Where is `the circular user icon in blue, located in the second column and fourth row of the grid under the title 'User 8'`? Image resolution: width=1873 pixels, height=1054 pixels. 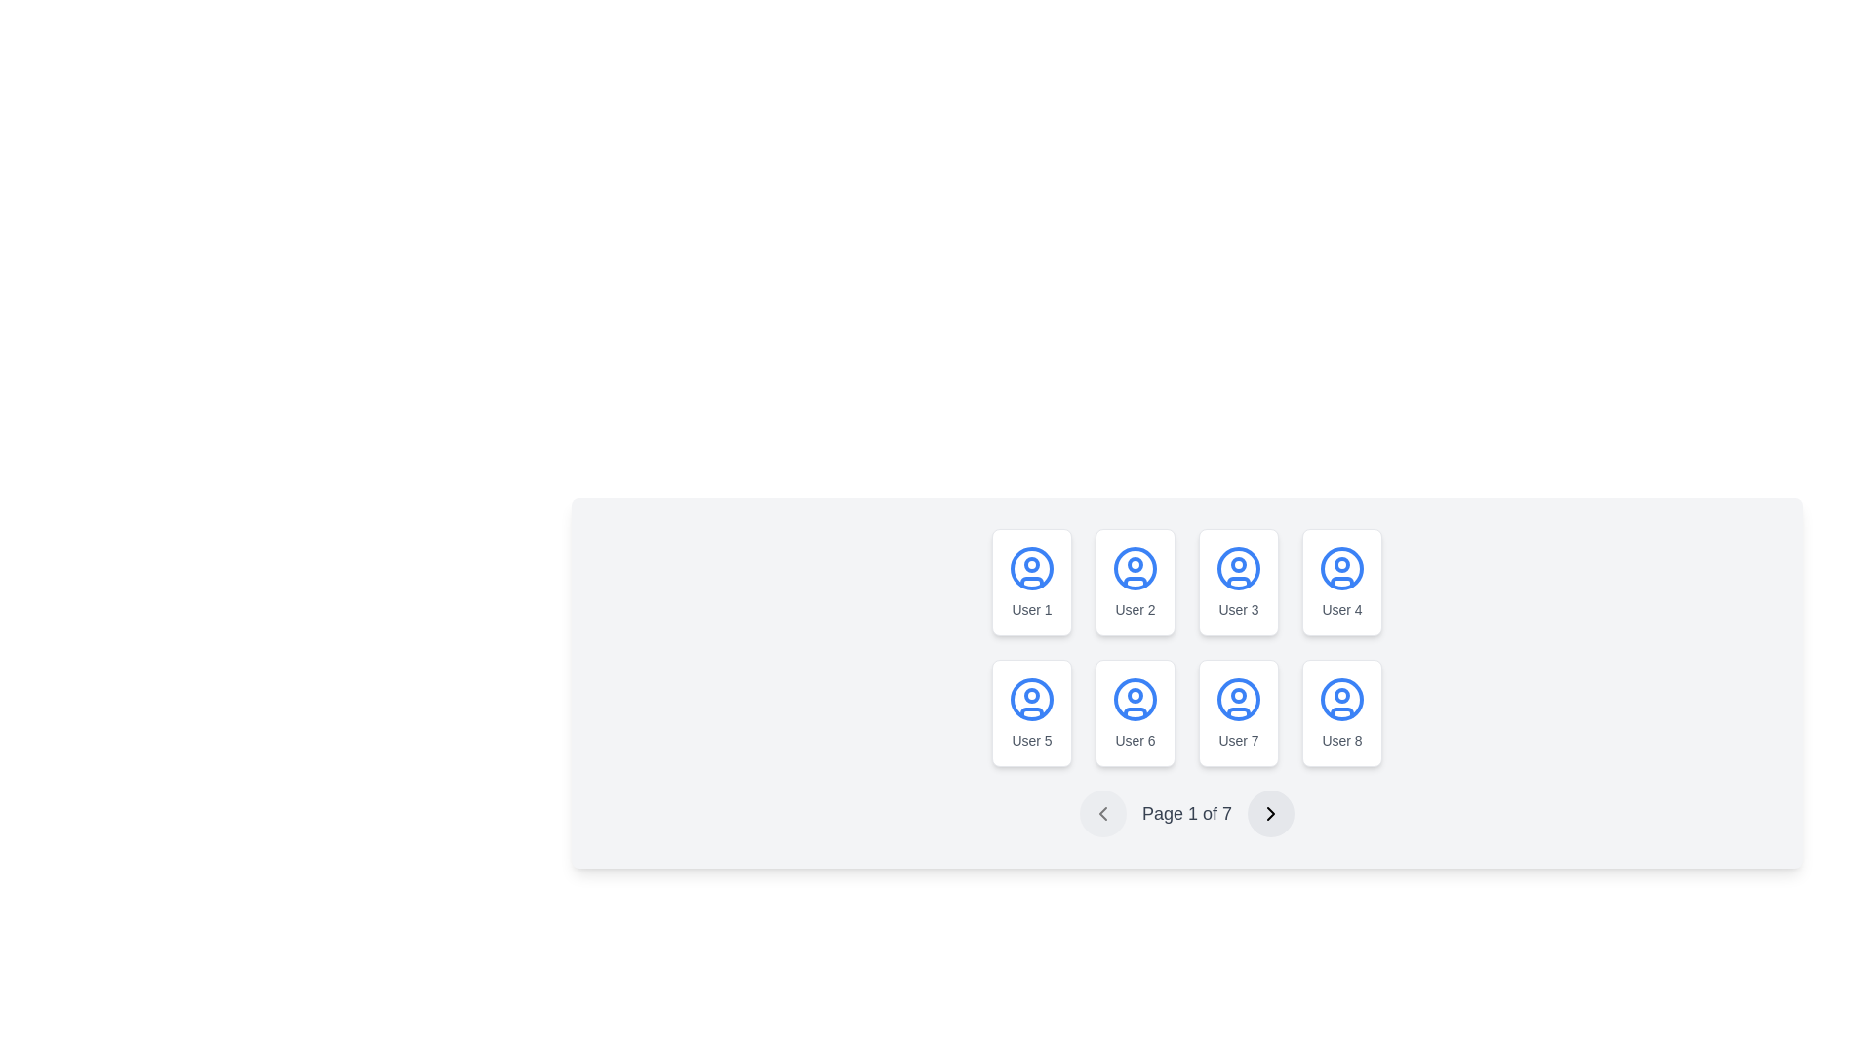 the circular user icon in blue, located in the second column and fourth row of the grid under the title 'User 8' is located at coordinates (1341, 699).